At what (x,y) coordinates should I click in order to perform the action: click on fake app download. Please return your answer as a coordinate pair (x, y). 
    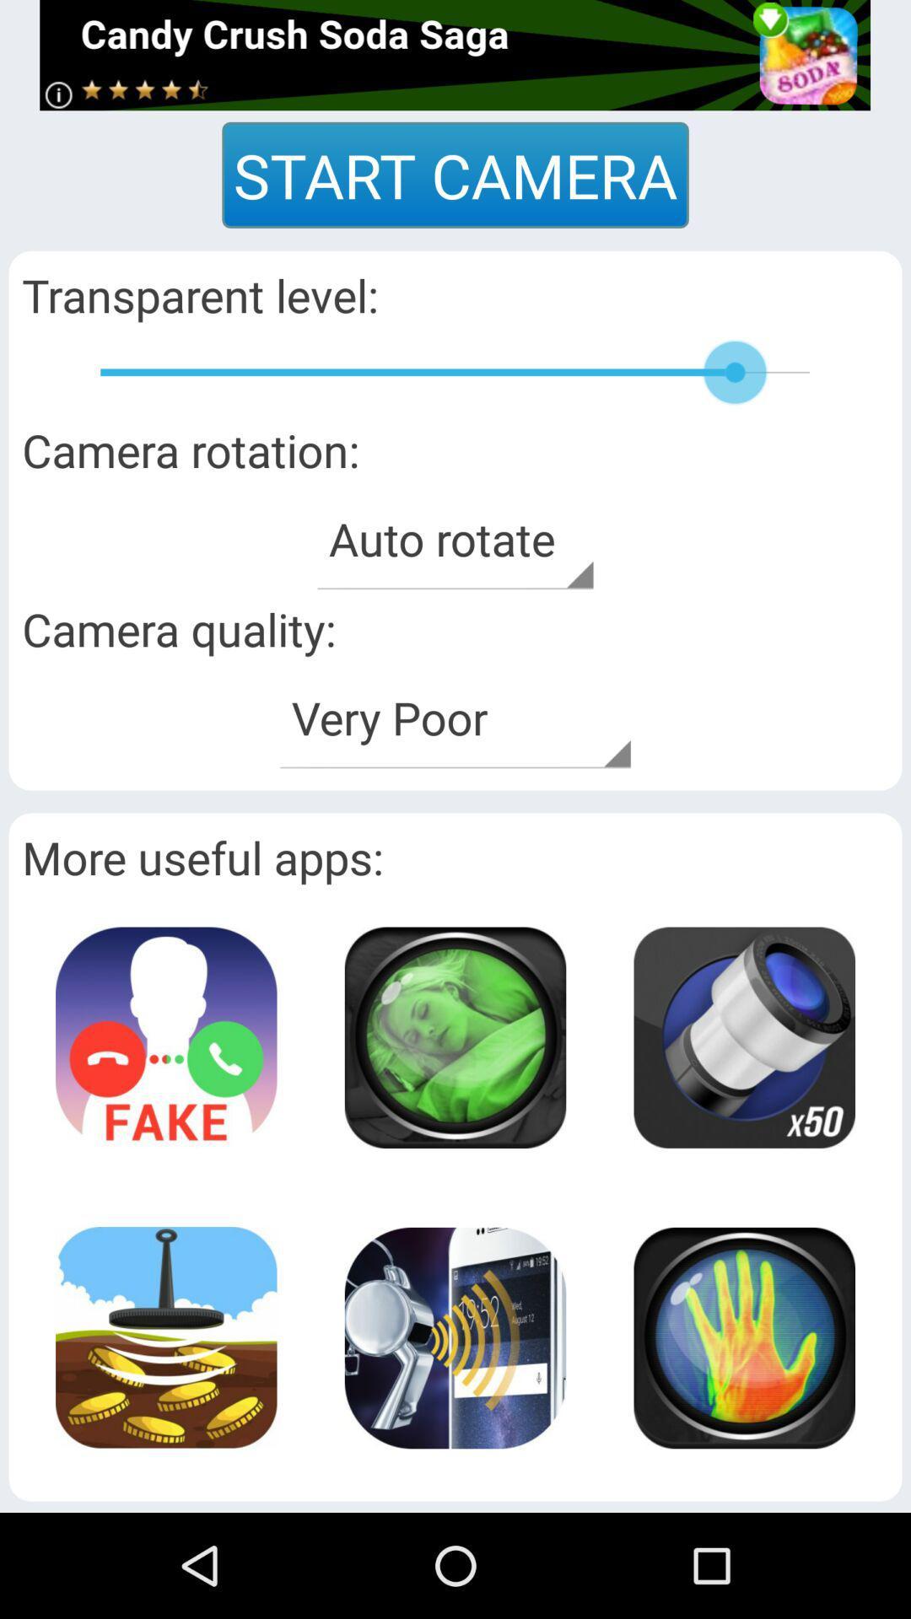
    Looking at the image, I should click on (166, 1036).